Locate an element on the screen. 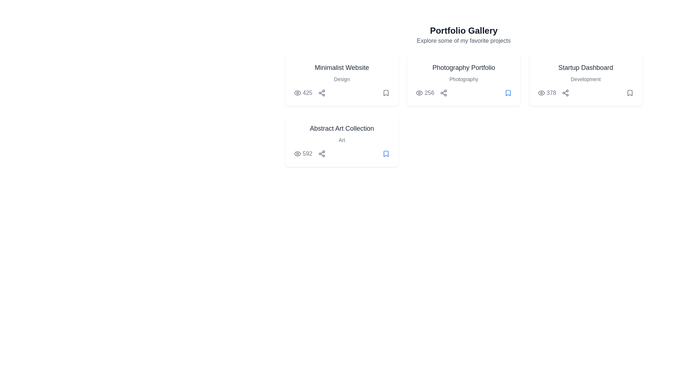 This screenshot has height=391, width=696. the bookmark icon located in the bottom-right corner of the first card titled 'Minimalist Website' in the portfolio gallery is located at coordinates (386, 93).